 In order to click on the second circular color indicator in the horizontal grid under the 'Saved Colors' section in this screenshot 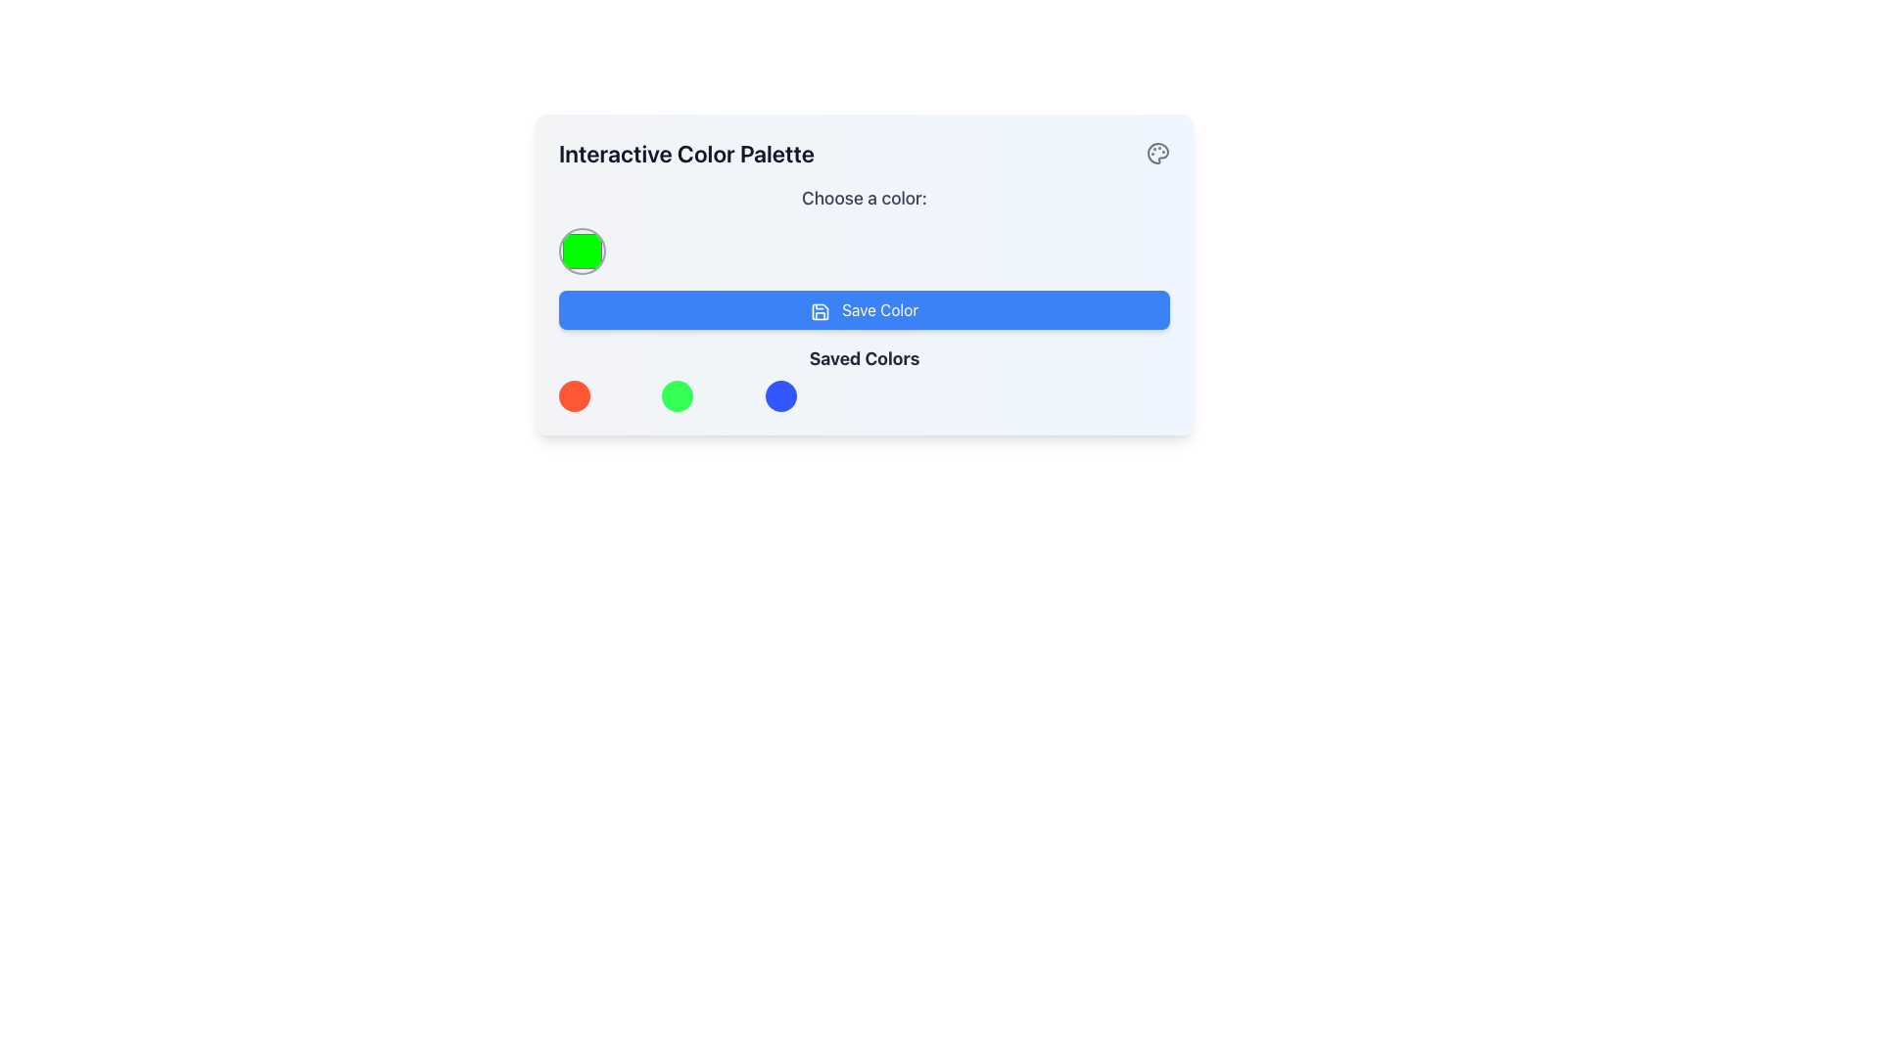, I will do `click(678, 396)`.